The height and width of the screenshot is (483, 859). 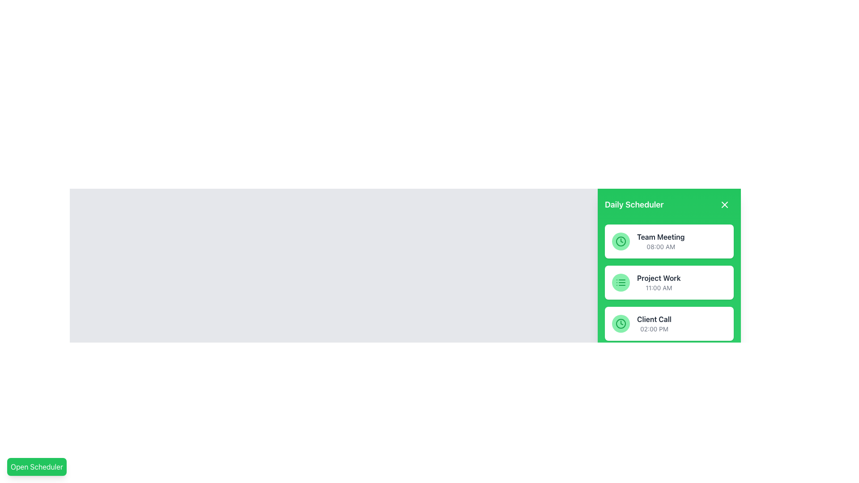 What do you see at coordinates (620, 241) in the screenshot?
I see `the clock icon representing time for the 'Team Meeting' event in the 'Daily Scheduler' panel, located at the leftmost side of the event block` at bounding box center [620, 241].